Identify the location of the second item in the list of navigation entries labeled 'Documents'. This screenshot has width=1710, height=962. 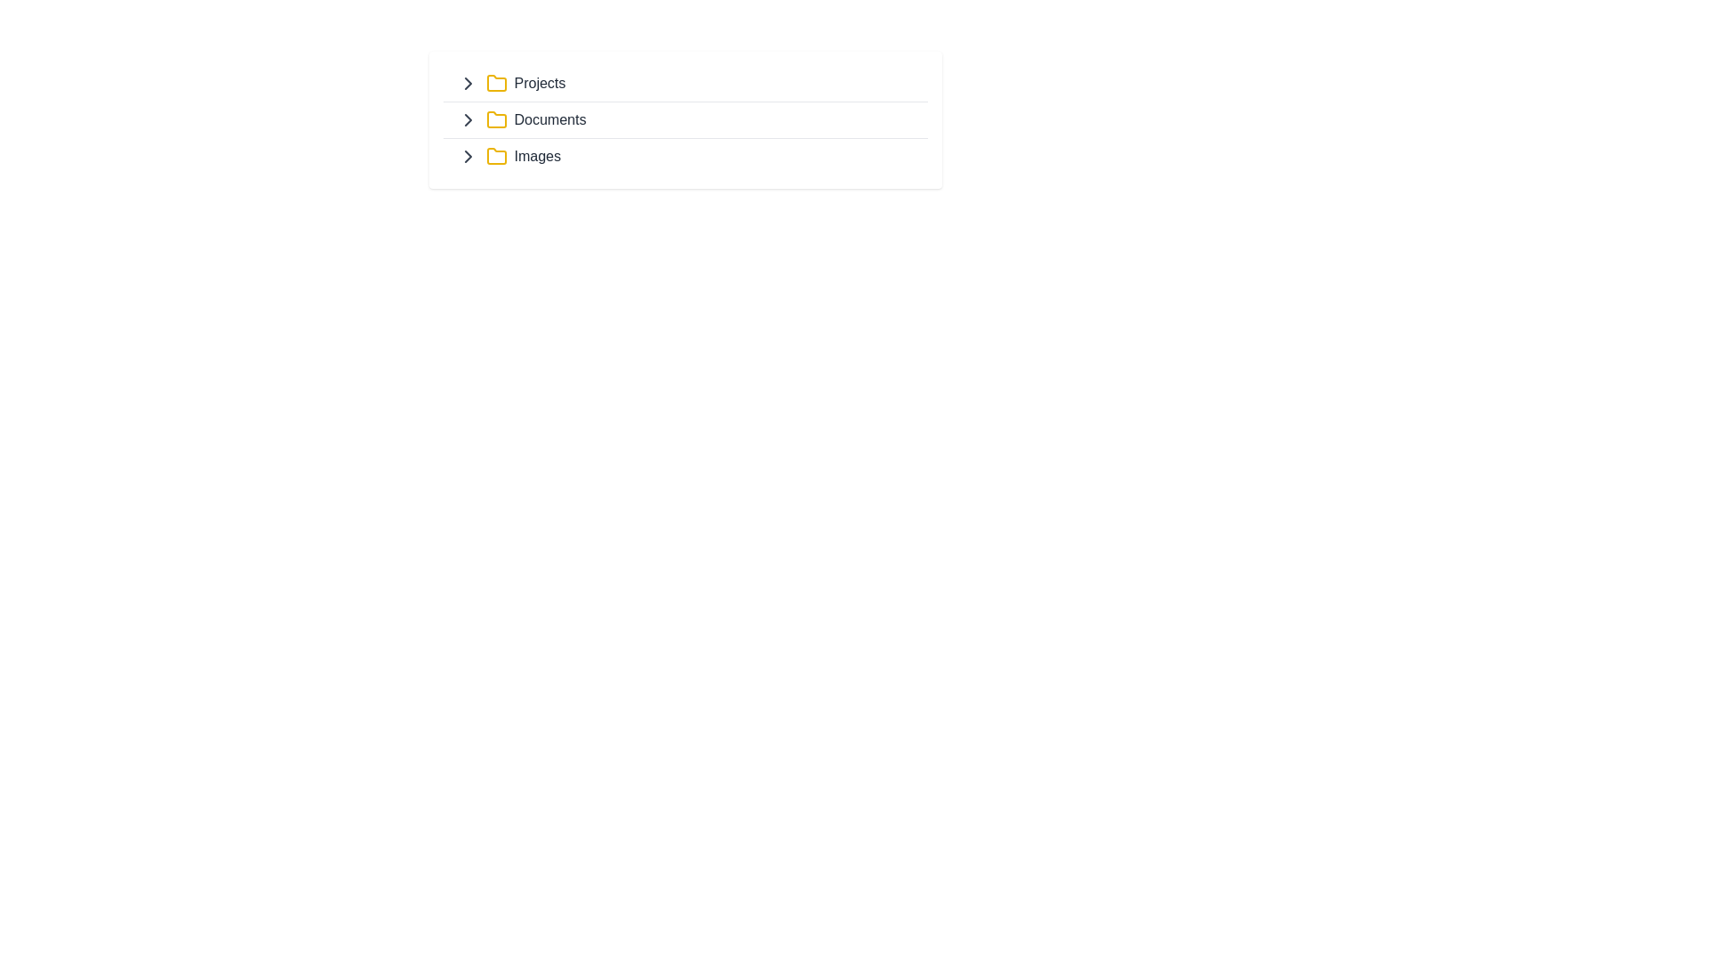
(684, 120).